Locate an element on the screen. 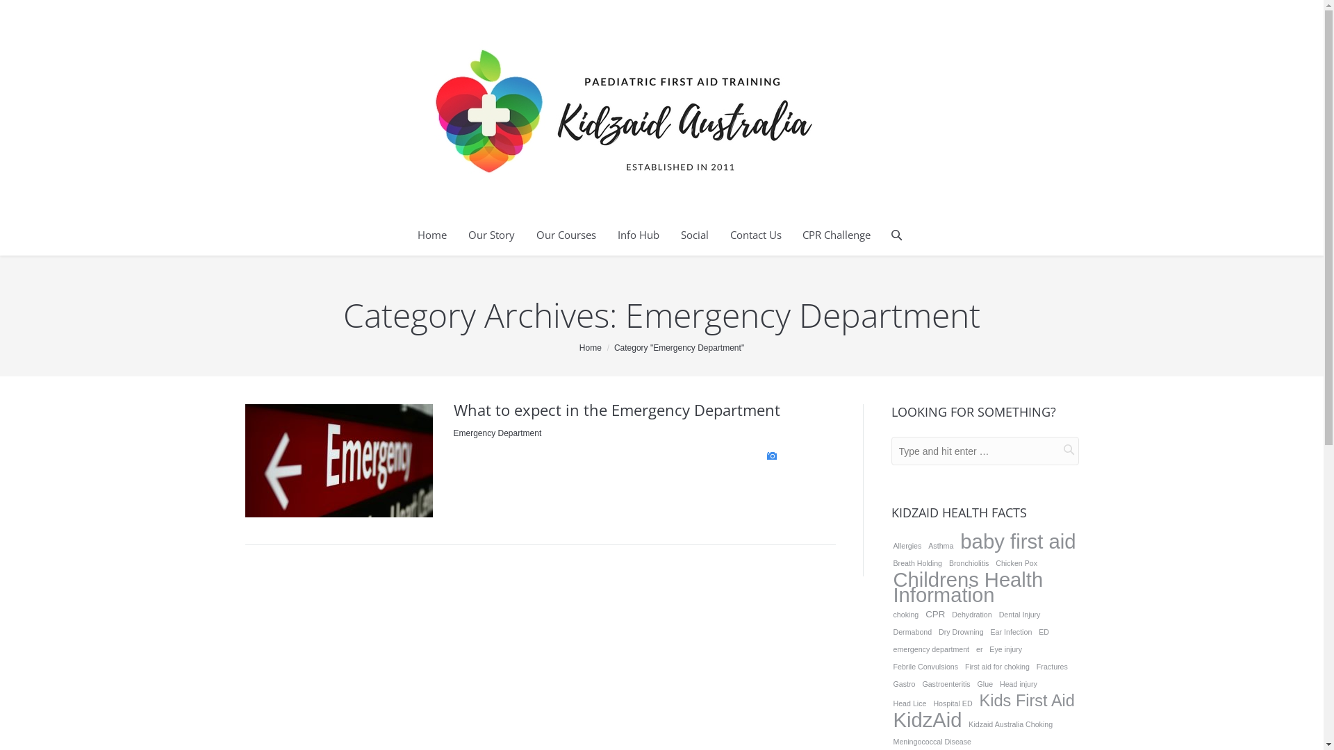  'Eye injury' is located at coordinates (1005, 649).